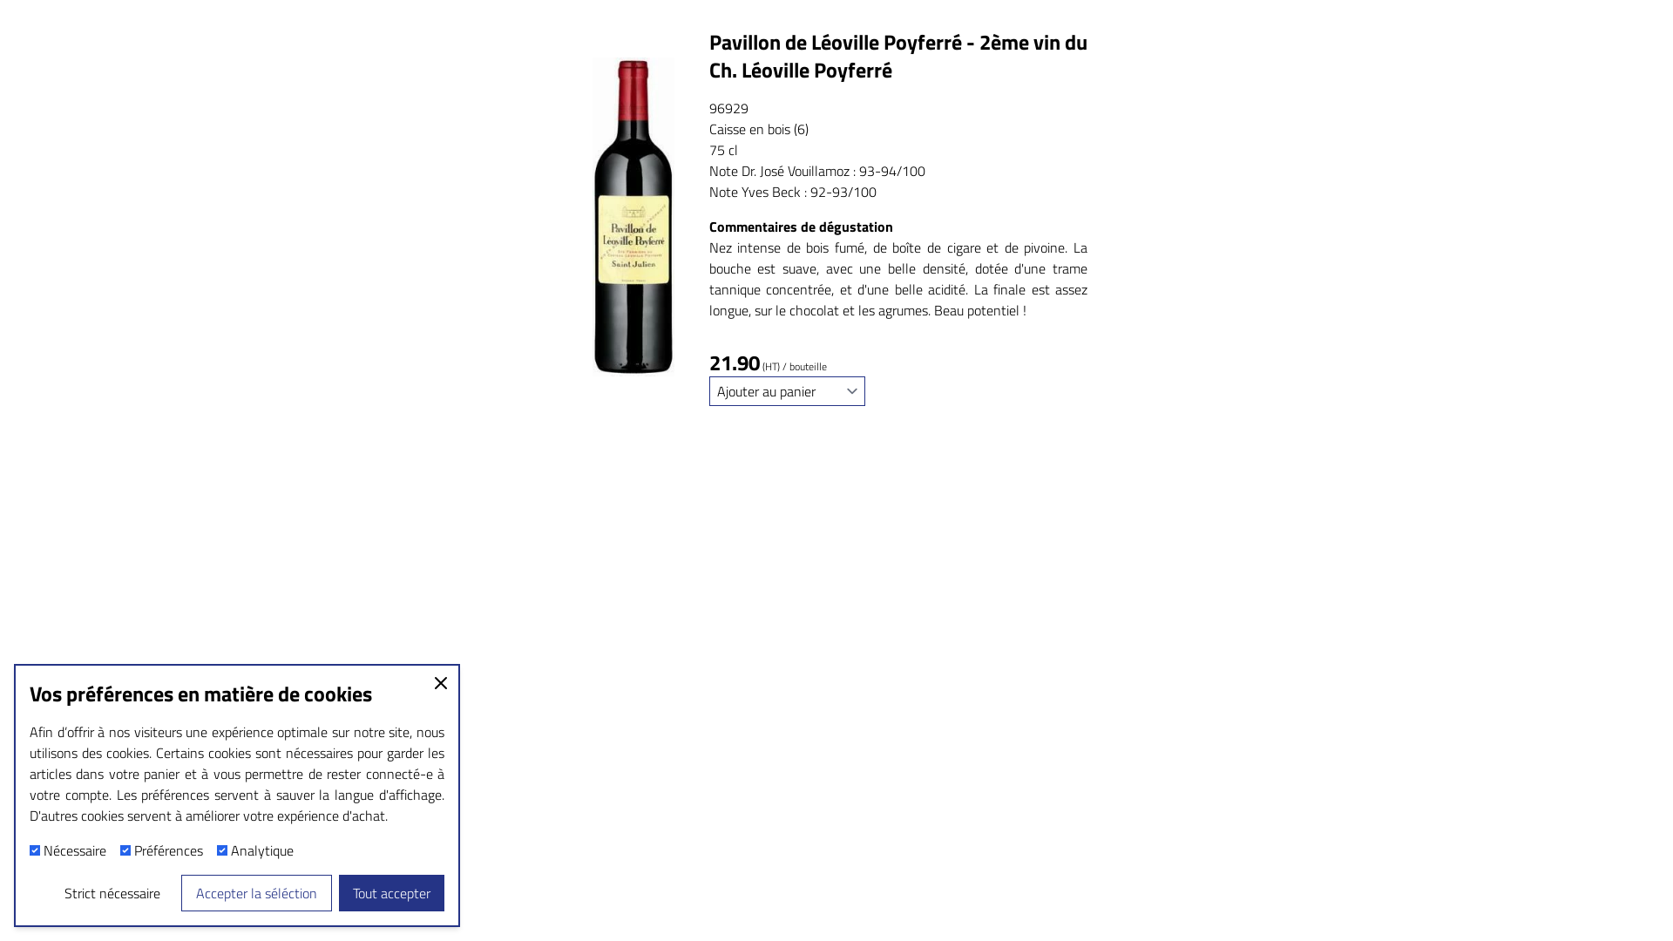  I want to click on 'Tout accepter', so click(390, 893).